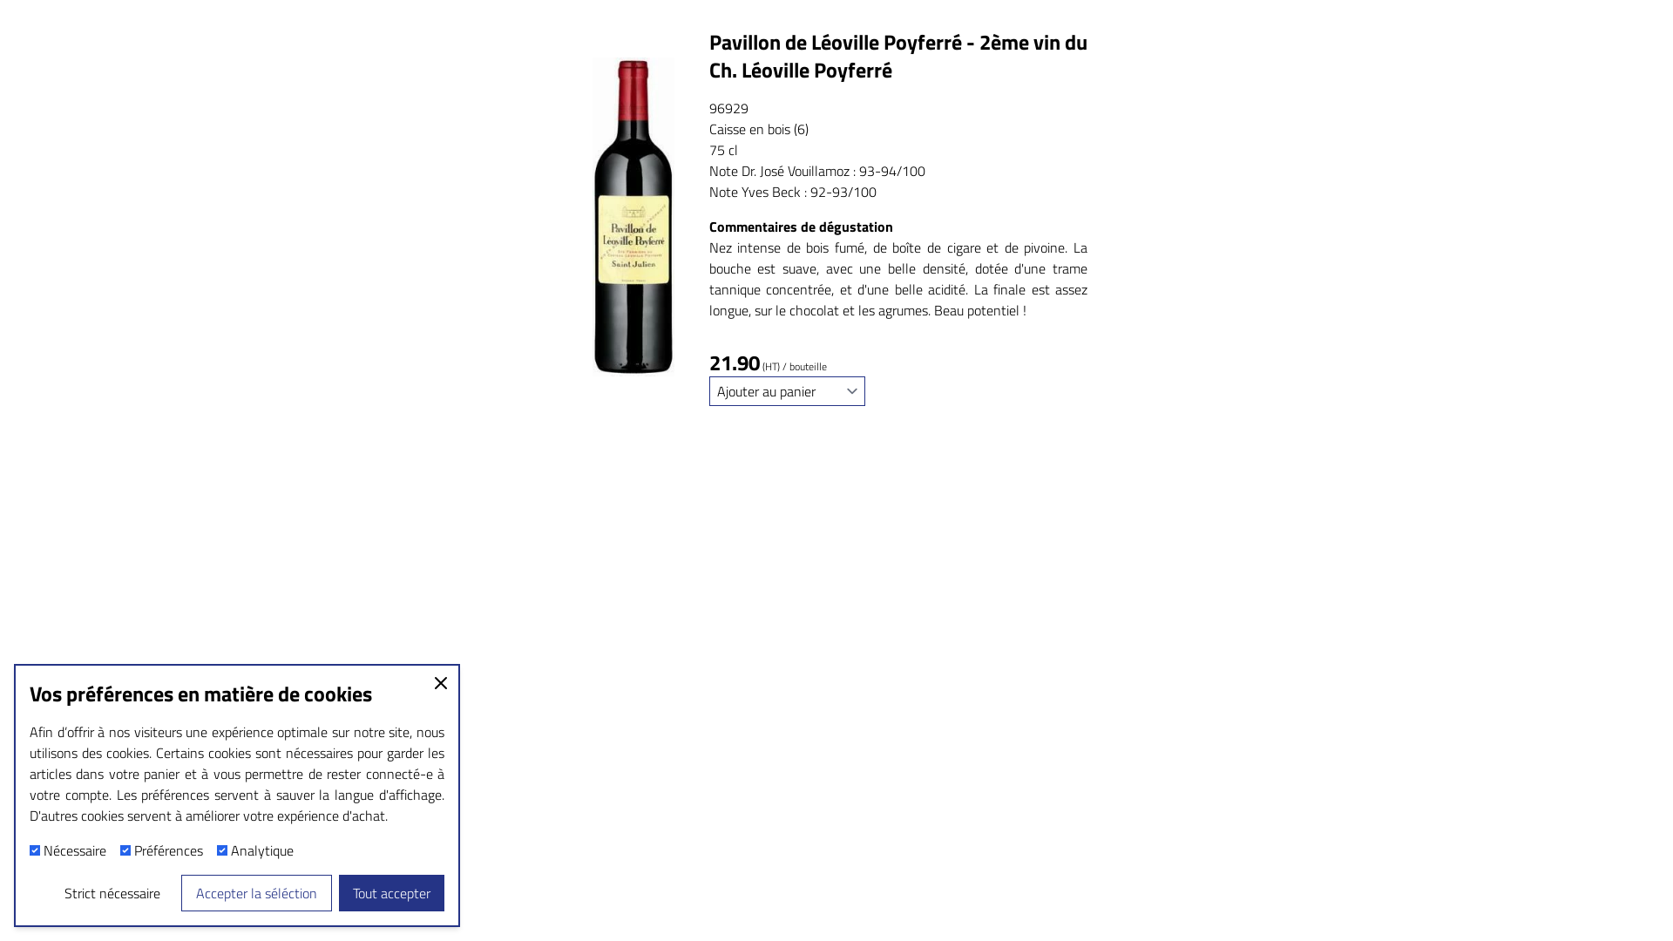  I want to click on 'Tout accepter', so click(390, 893).